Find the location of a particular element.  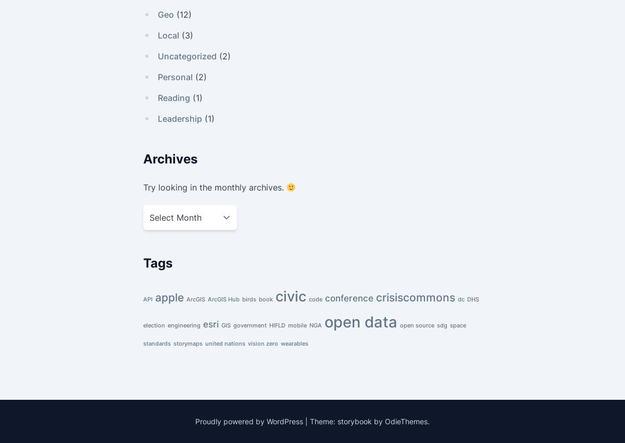

'OdieThemes' is located at coordinates (406, 421).